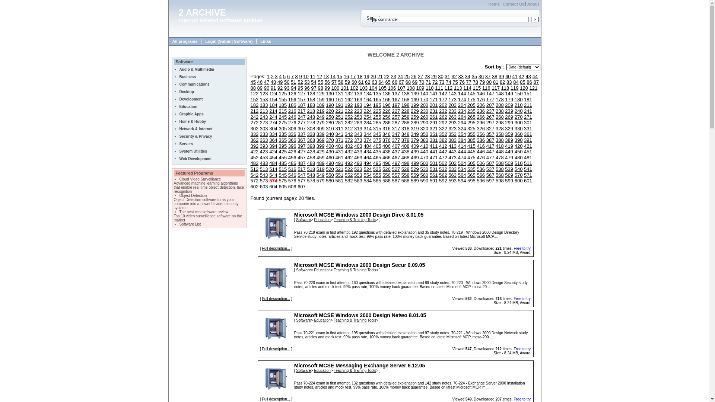  I want to click on '395', so click(282, 146).